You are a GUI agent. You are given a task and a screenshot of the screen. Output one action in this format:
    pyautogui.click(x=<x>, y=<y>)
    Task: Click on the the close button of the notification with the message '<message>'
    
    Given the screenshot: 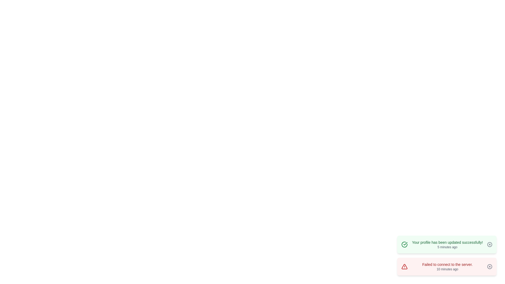 What is the action you would take?
    pyautogui.click(x=489, y=244)
    